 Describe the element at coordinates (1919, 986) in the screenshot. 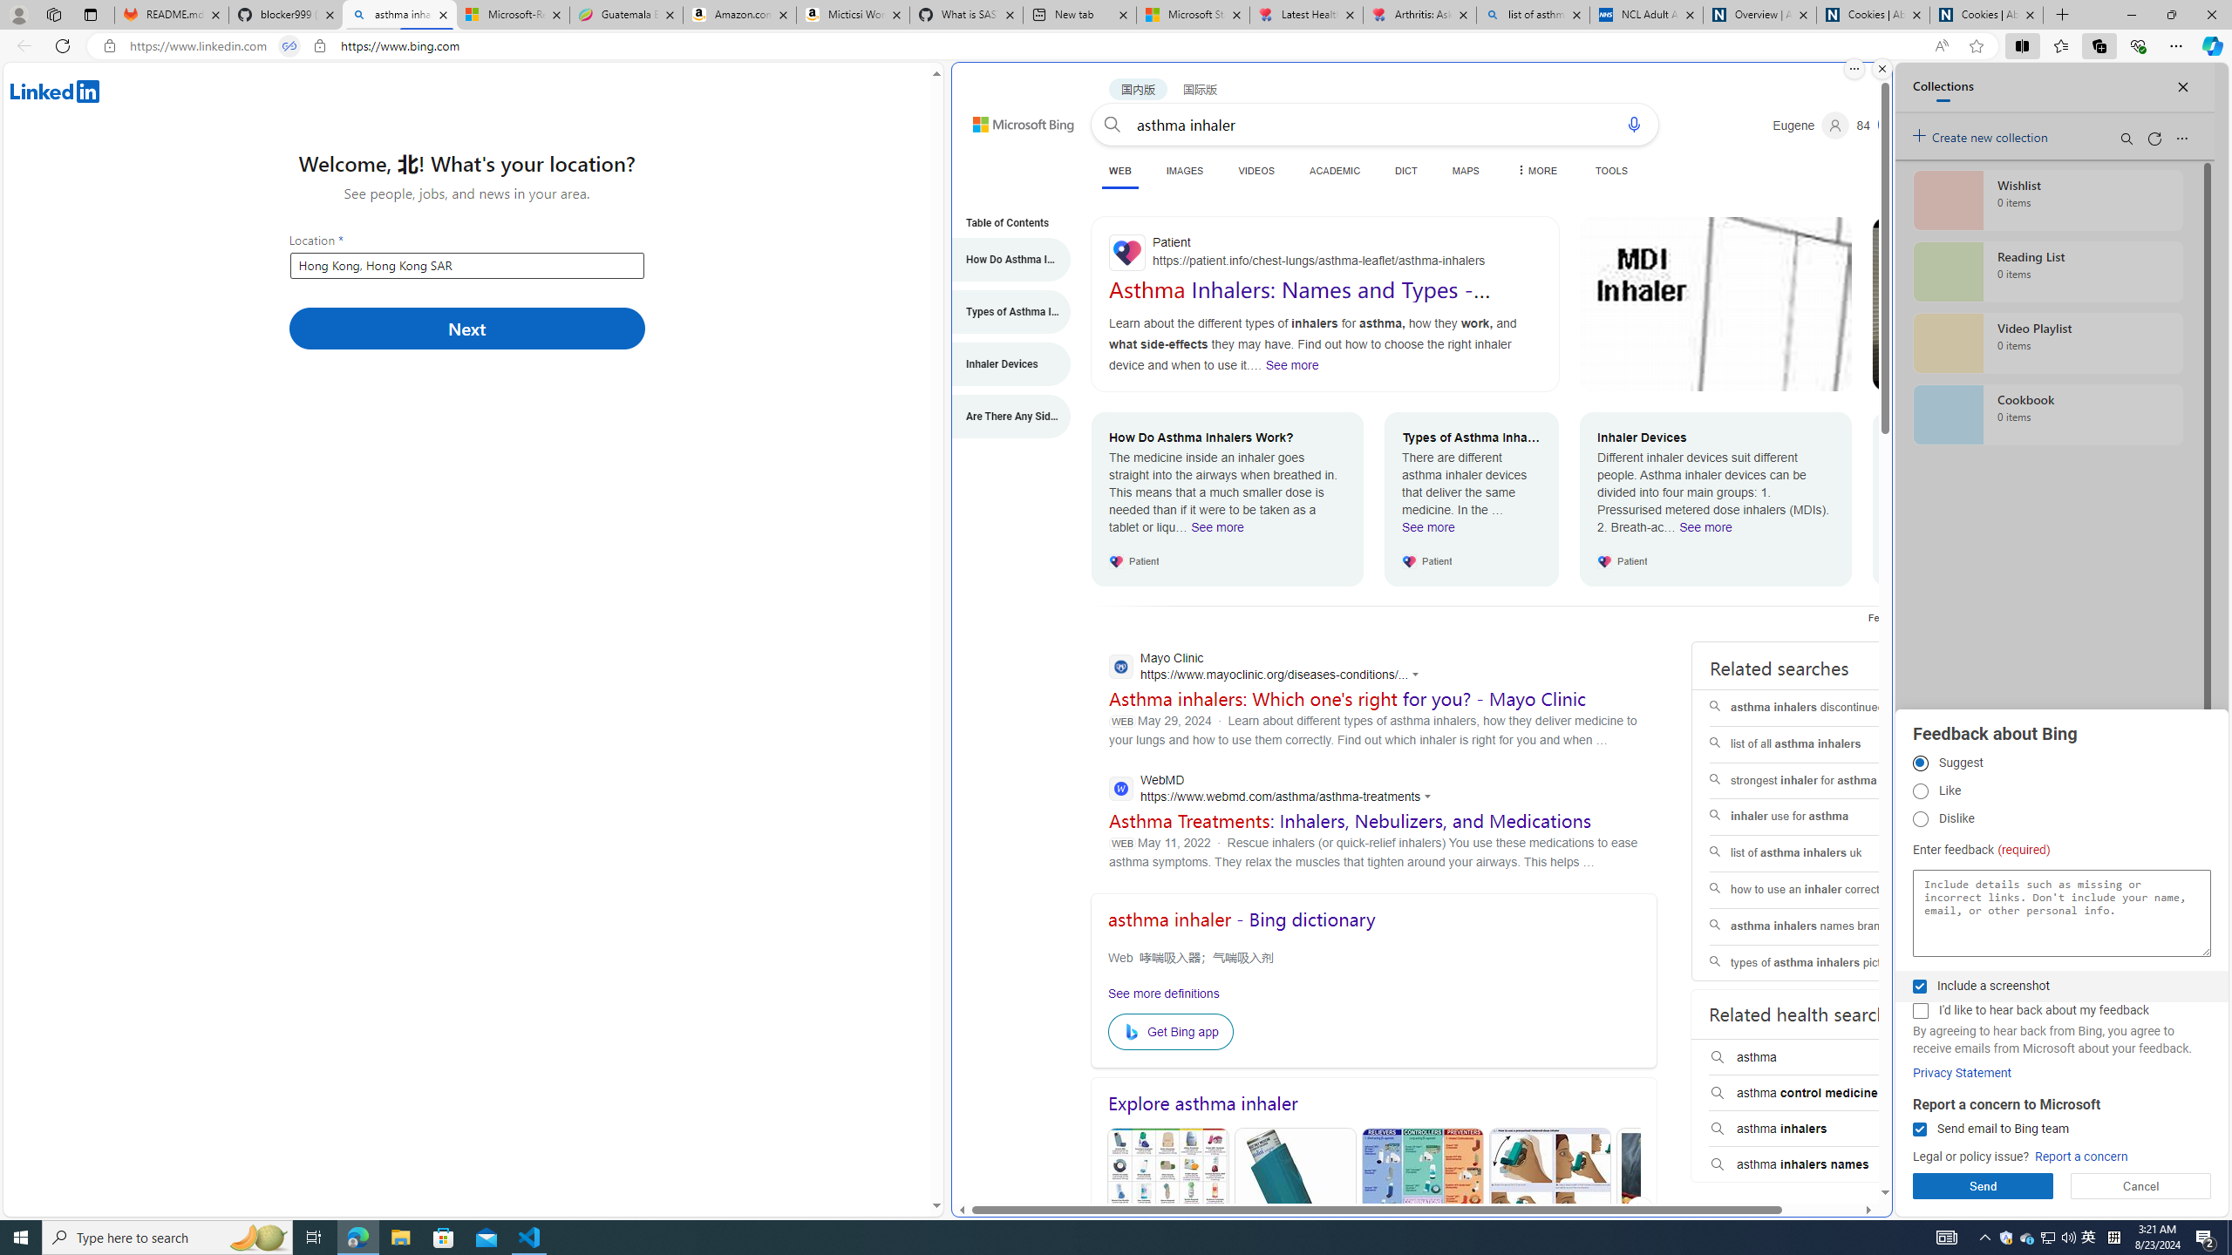

I see `'Include a screenshot'` at that location.